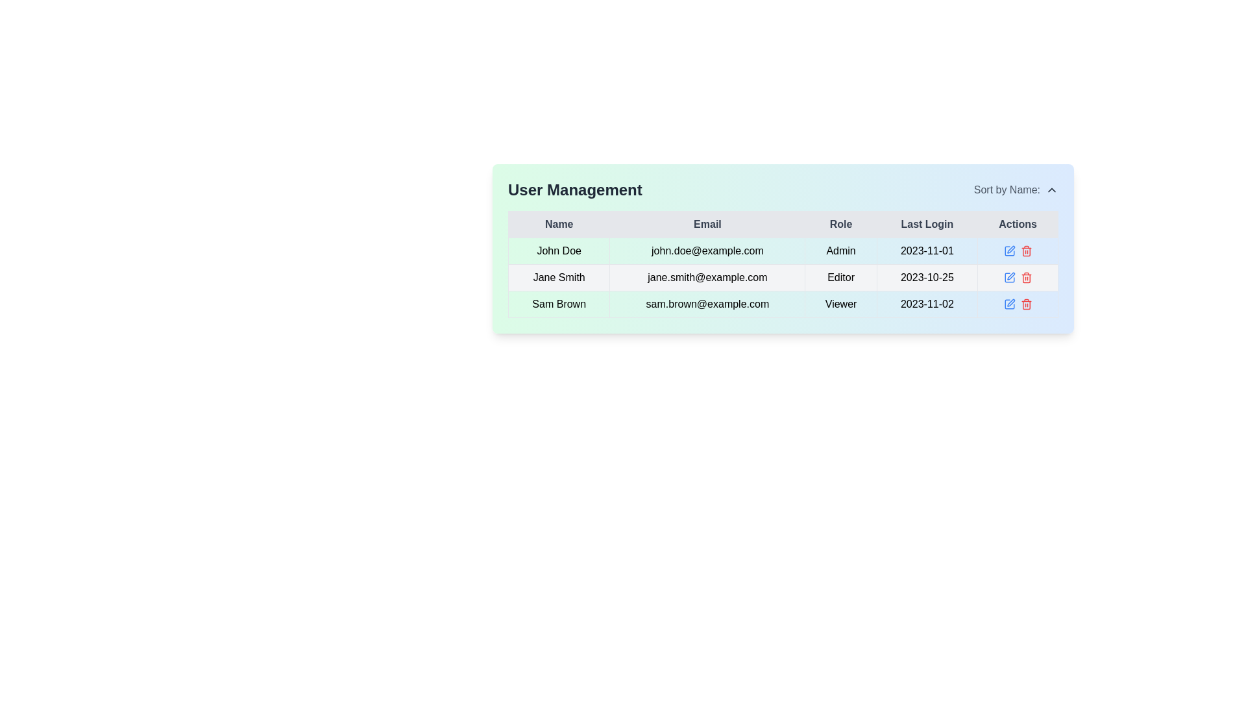 The width and height of the screenshot is (1246, 701). Describe the element at coordinates (782, 277) in the screenshot. I see `the second row of the table, which contains user information` at that location.